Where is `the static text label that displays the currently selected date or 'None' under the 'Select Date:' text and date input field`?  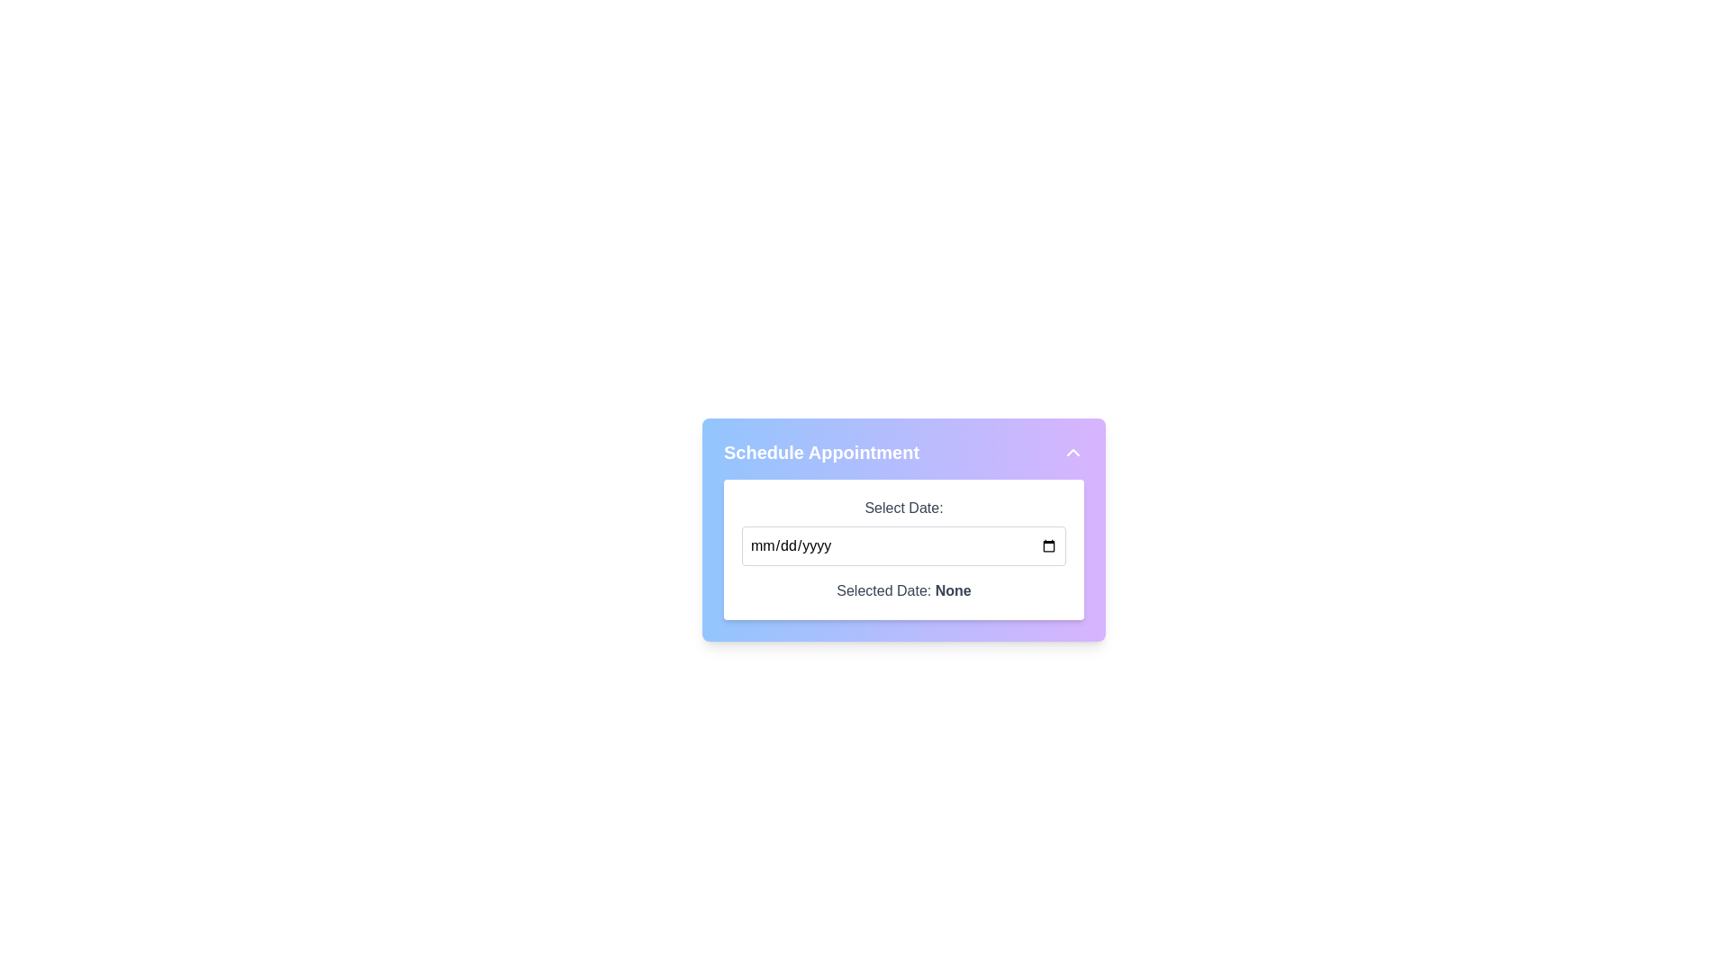
the static text label that displays the currently selected date or 'None' under the 'Select Date:' text and date input field is located at coordinates (903, 590).